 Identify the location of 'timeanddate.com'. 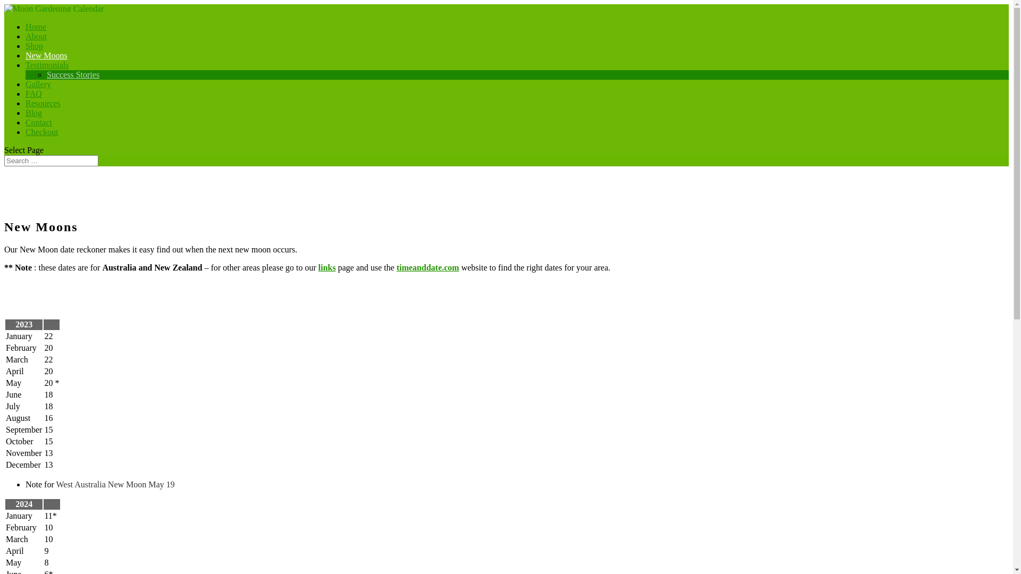
(396, 267).